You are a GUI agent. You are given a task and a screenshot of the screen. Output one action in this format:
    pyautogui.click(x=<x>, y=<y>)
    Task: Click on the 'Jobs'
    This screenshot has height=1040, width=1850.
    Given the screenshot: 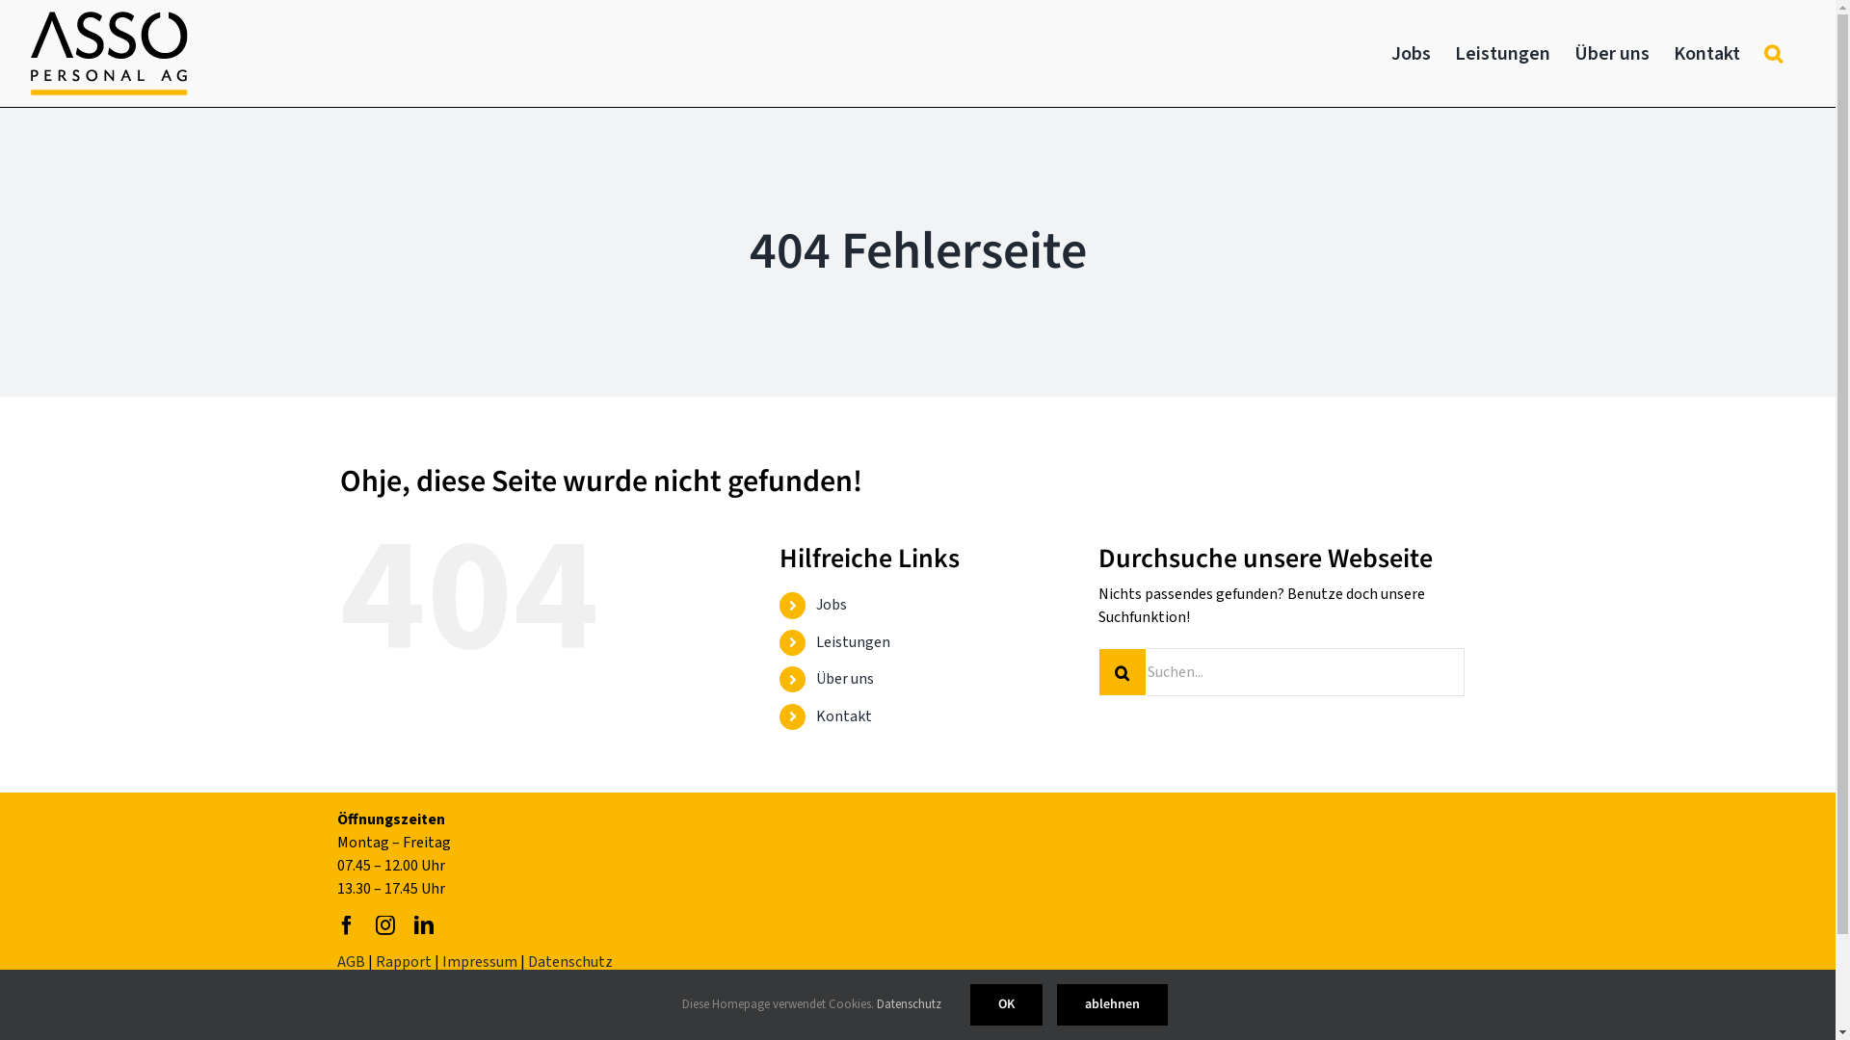 What is the action you would take?
    pyautogui.click(x=1391, y=52)
    